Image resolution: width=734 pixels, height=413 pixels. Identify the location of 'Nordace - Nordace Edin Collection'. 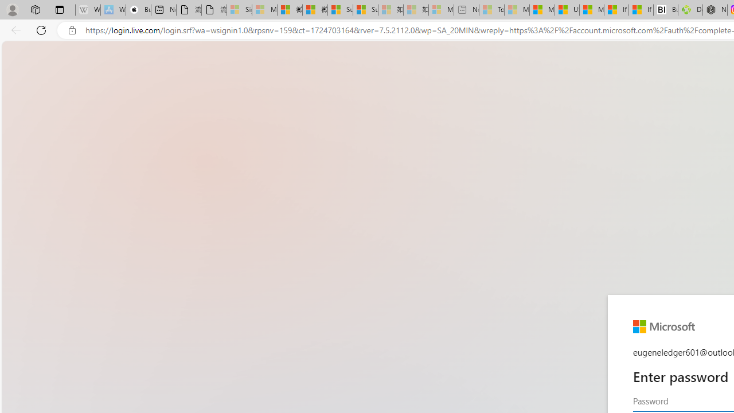
(715, 10).